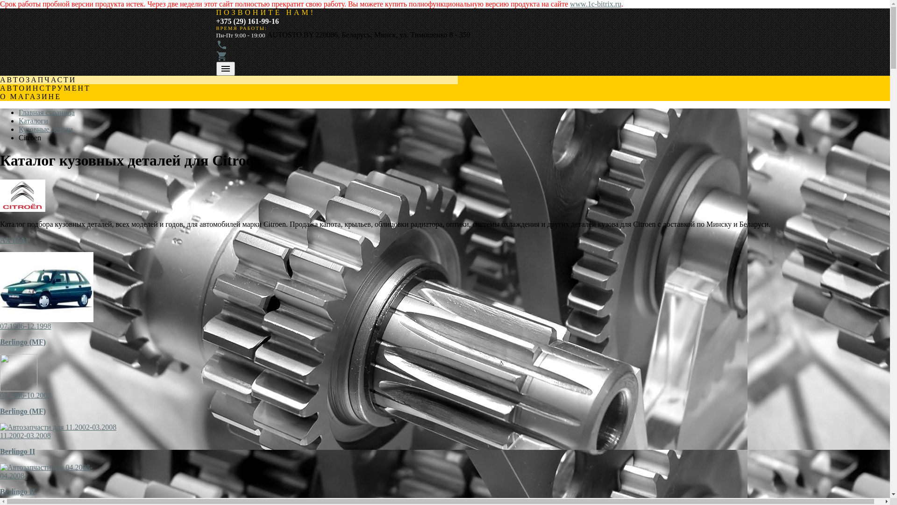 The height and width of the screenshot is (505, 897). What do you see at coordinates (221, 48) in the screenshot?
I see `'phone'` at bounding box center [221, 48].